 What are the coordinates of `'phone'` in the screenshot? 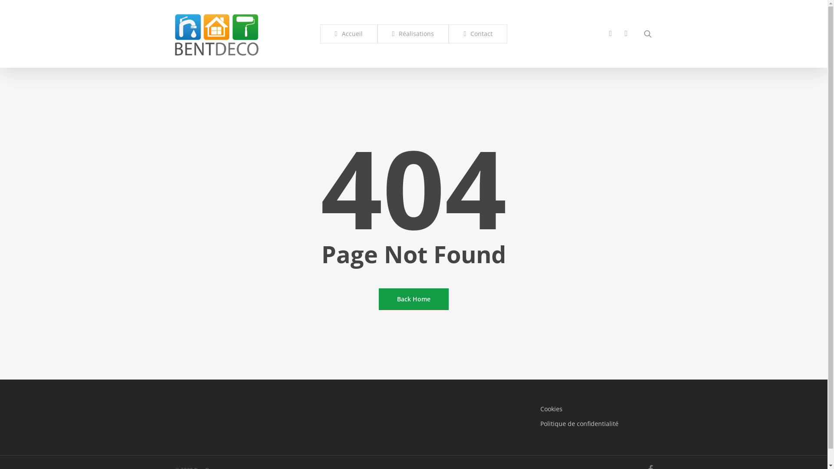 It's located at (602, 33).